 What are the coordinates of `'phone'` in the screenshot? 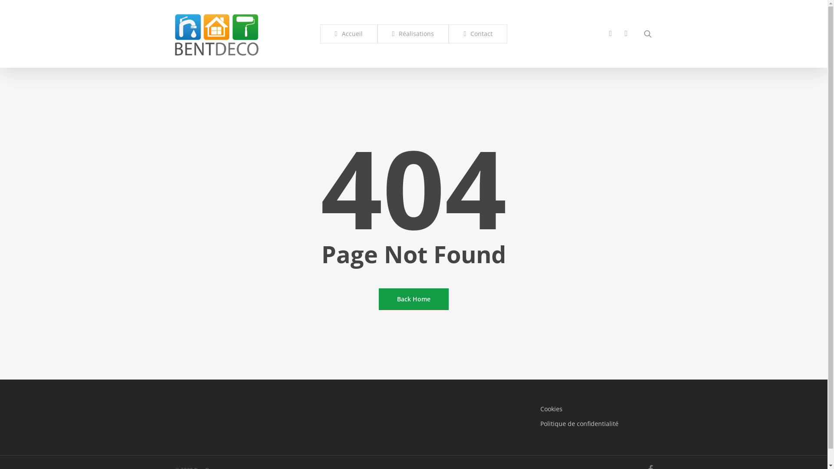 It's located at (602, 33).